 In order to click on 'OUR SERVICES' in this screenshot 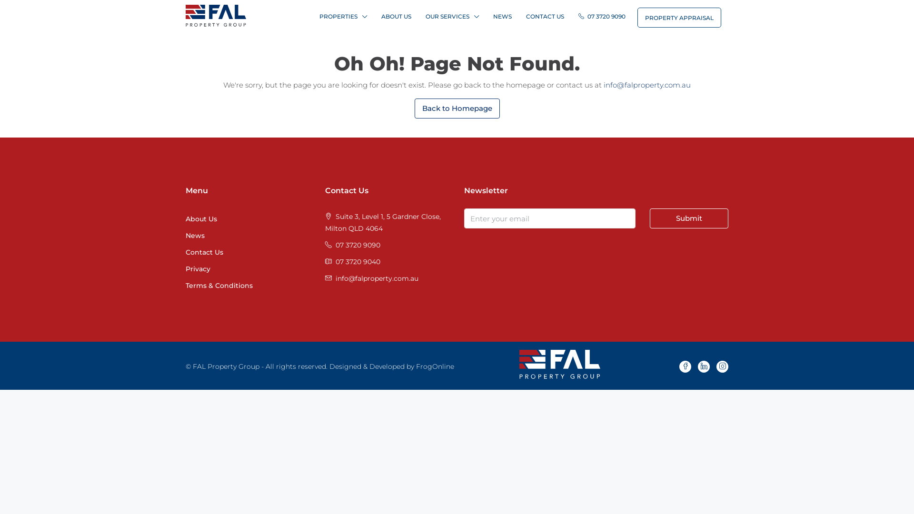, I will do `click(452, 16)`.